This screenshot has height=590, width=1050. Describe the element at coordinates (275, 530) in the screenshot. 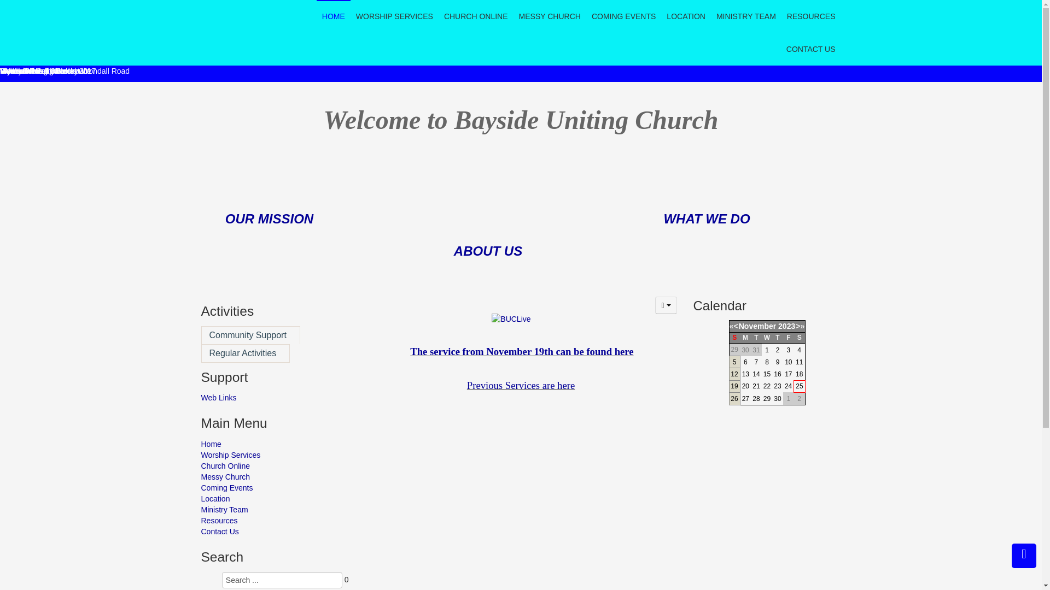

I see `'Contact Us'` at that location.